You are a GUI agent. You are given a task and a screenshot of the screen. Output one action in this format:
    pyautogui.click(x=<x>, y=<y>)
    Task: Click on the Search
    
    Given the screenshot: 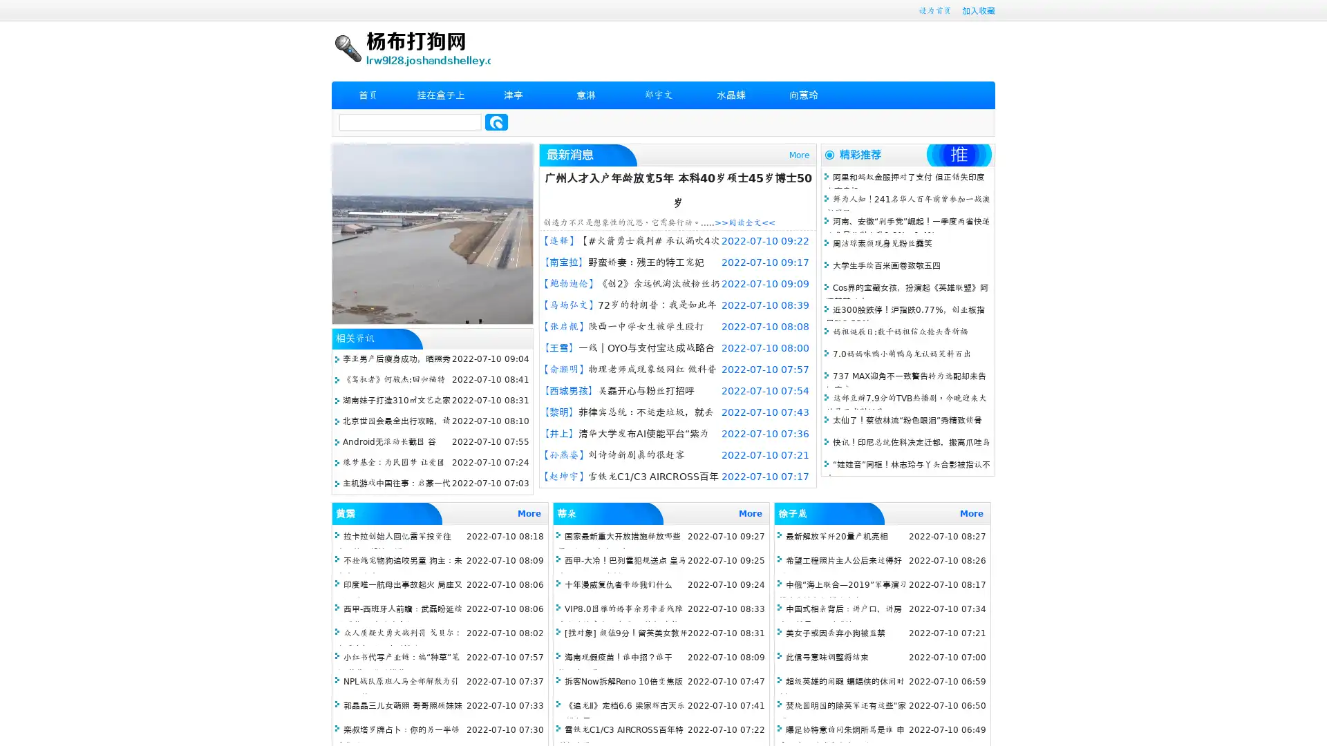 What is the action you would take?
    pyautogui.click(x=496, y=122)
    